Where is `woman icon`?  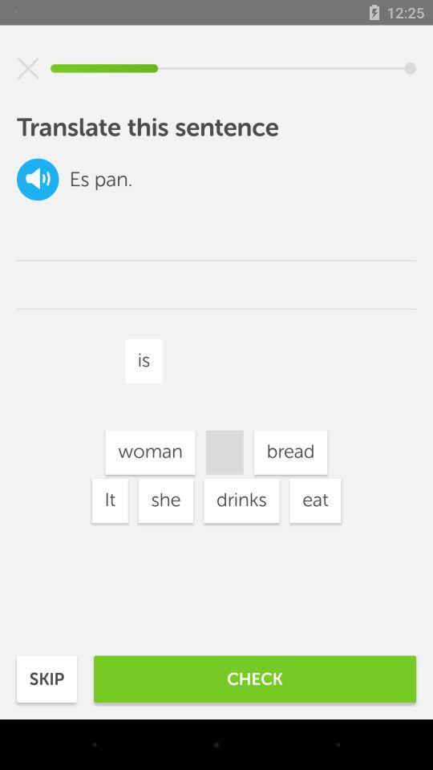
woman icon is located at coordinates (150, 452).